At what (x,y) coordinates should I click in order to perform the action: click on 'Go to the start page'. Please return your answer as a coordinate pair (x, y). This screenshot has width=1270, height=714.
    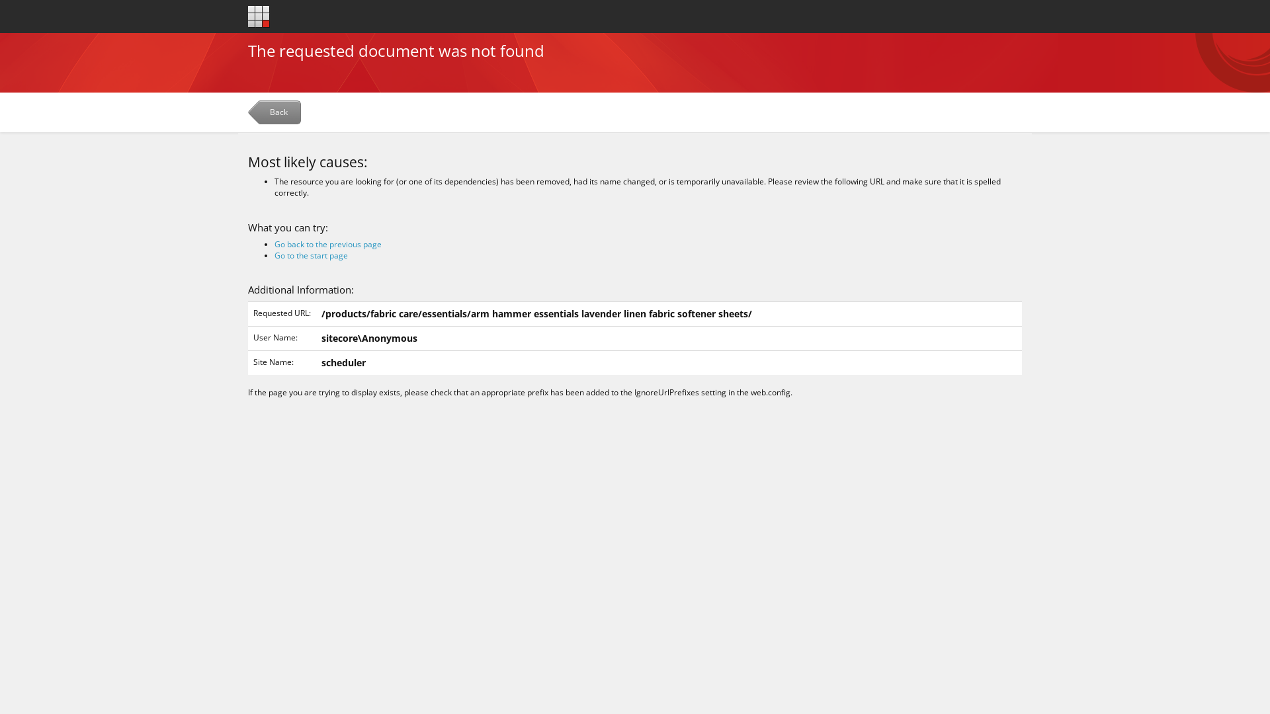
    Looking at the image, I should click on (259, 16).